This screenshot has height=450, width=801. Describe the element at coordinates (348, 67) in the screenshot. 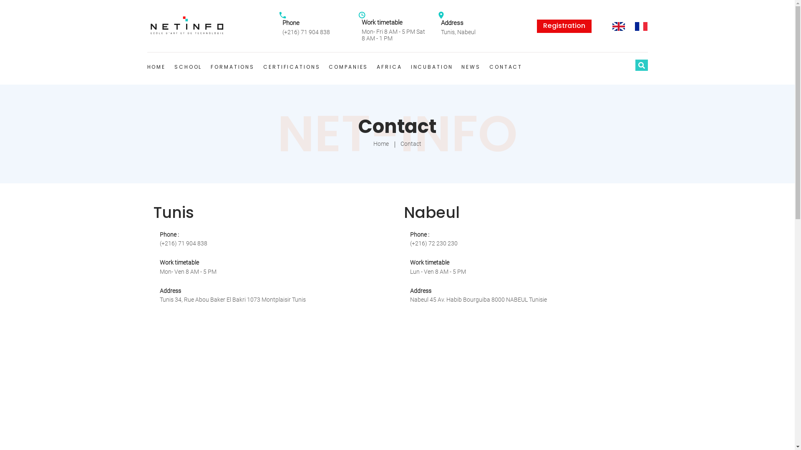

I see `'COMPANIES'` at that location.